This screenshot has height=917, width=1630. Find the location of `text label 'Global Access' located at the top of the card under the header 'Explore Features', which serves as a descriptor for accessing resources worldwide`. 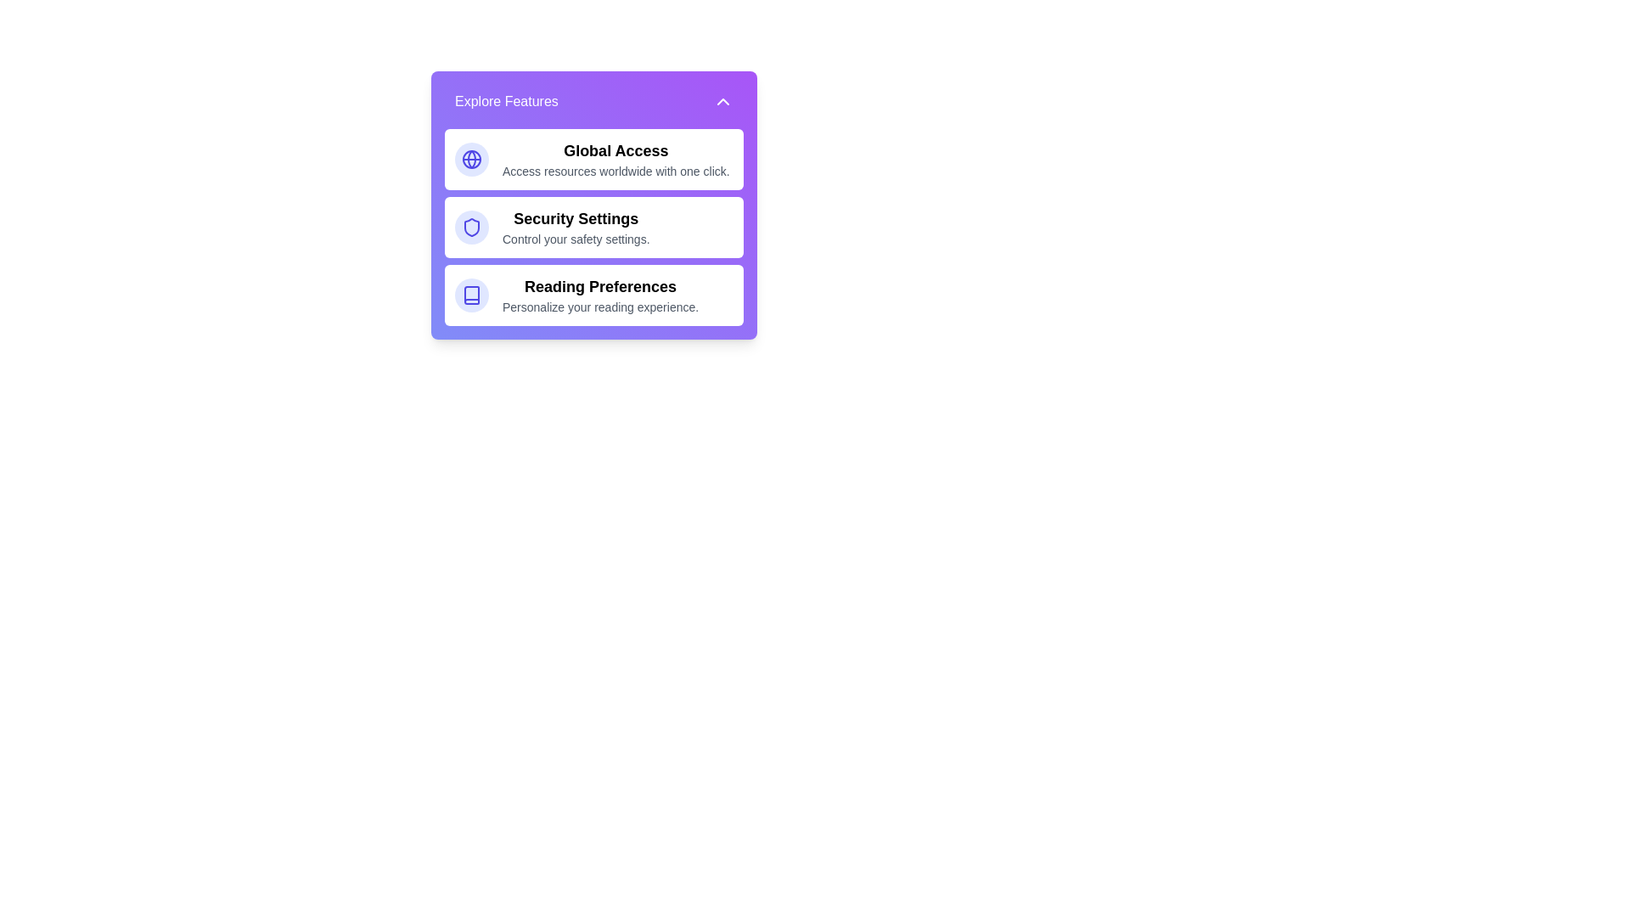

text label 'Global Access' located at the top of the card under the header 'Explore Features', which serves as a descriptor for accessing resources worldwide is located at coordinates (615, 149).